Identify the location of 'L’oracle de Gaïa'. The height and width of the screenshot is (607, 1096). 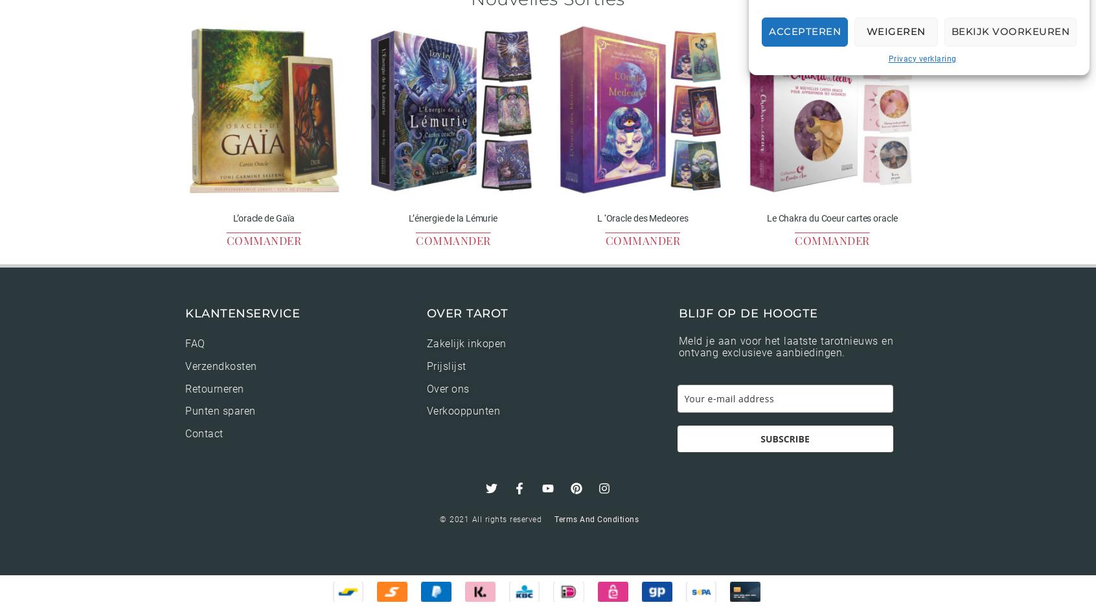
(263, 218).